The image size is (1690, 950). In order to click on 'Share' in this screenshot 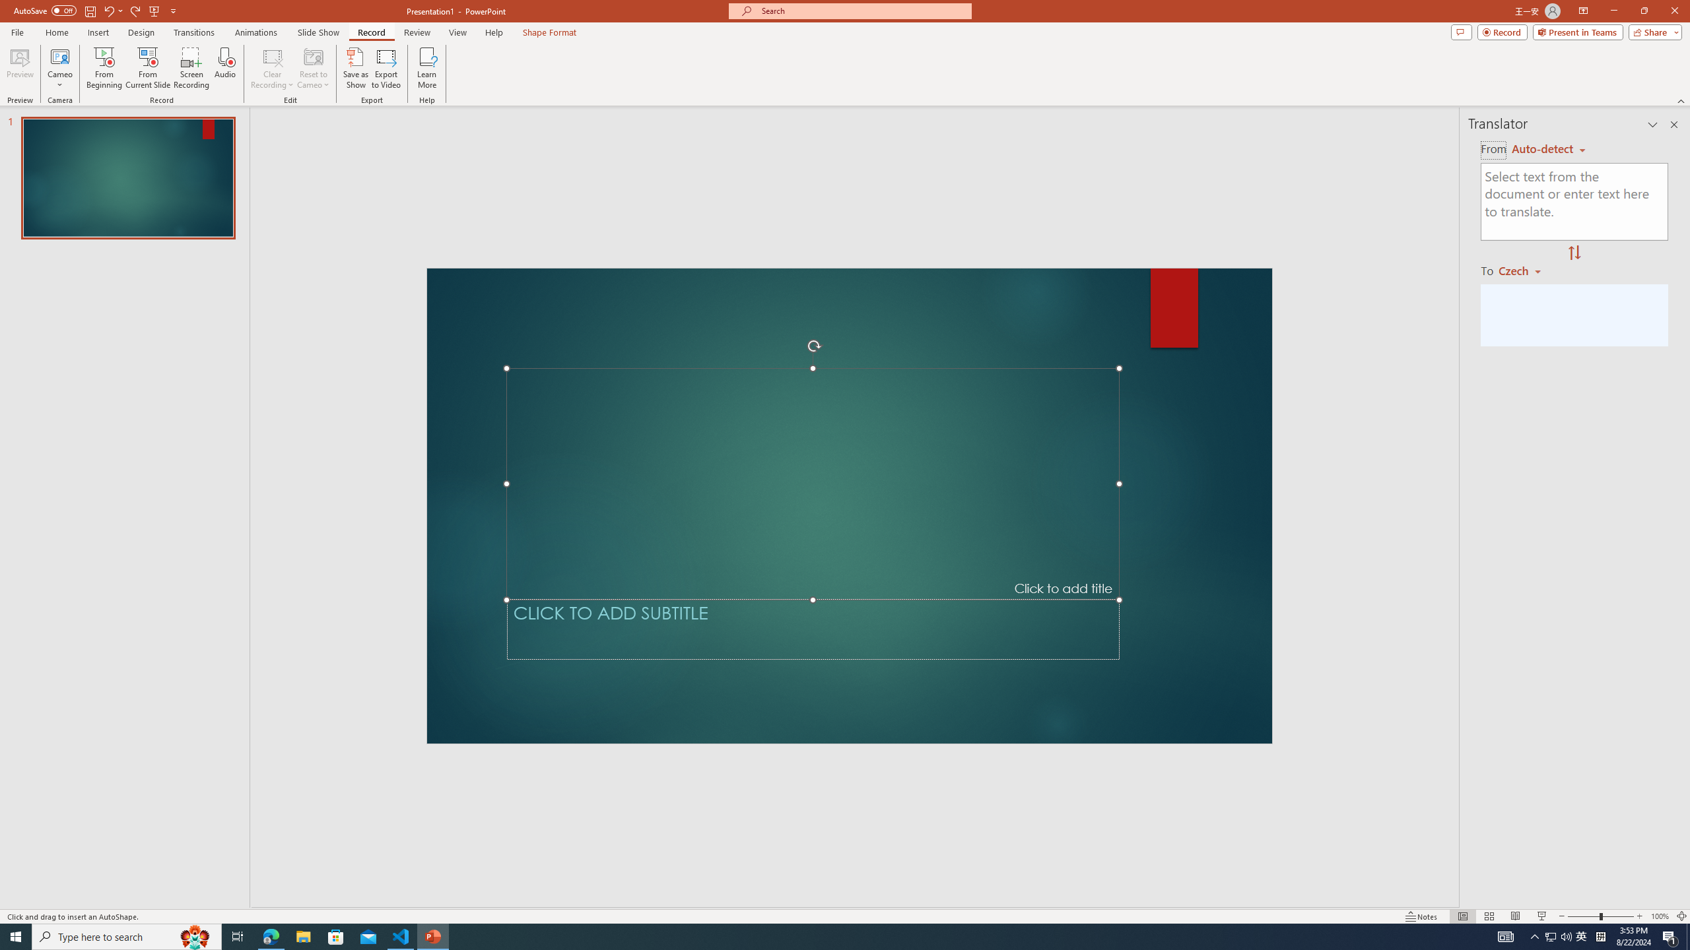, I will do `click(1652, 31)`.